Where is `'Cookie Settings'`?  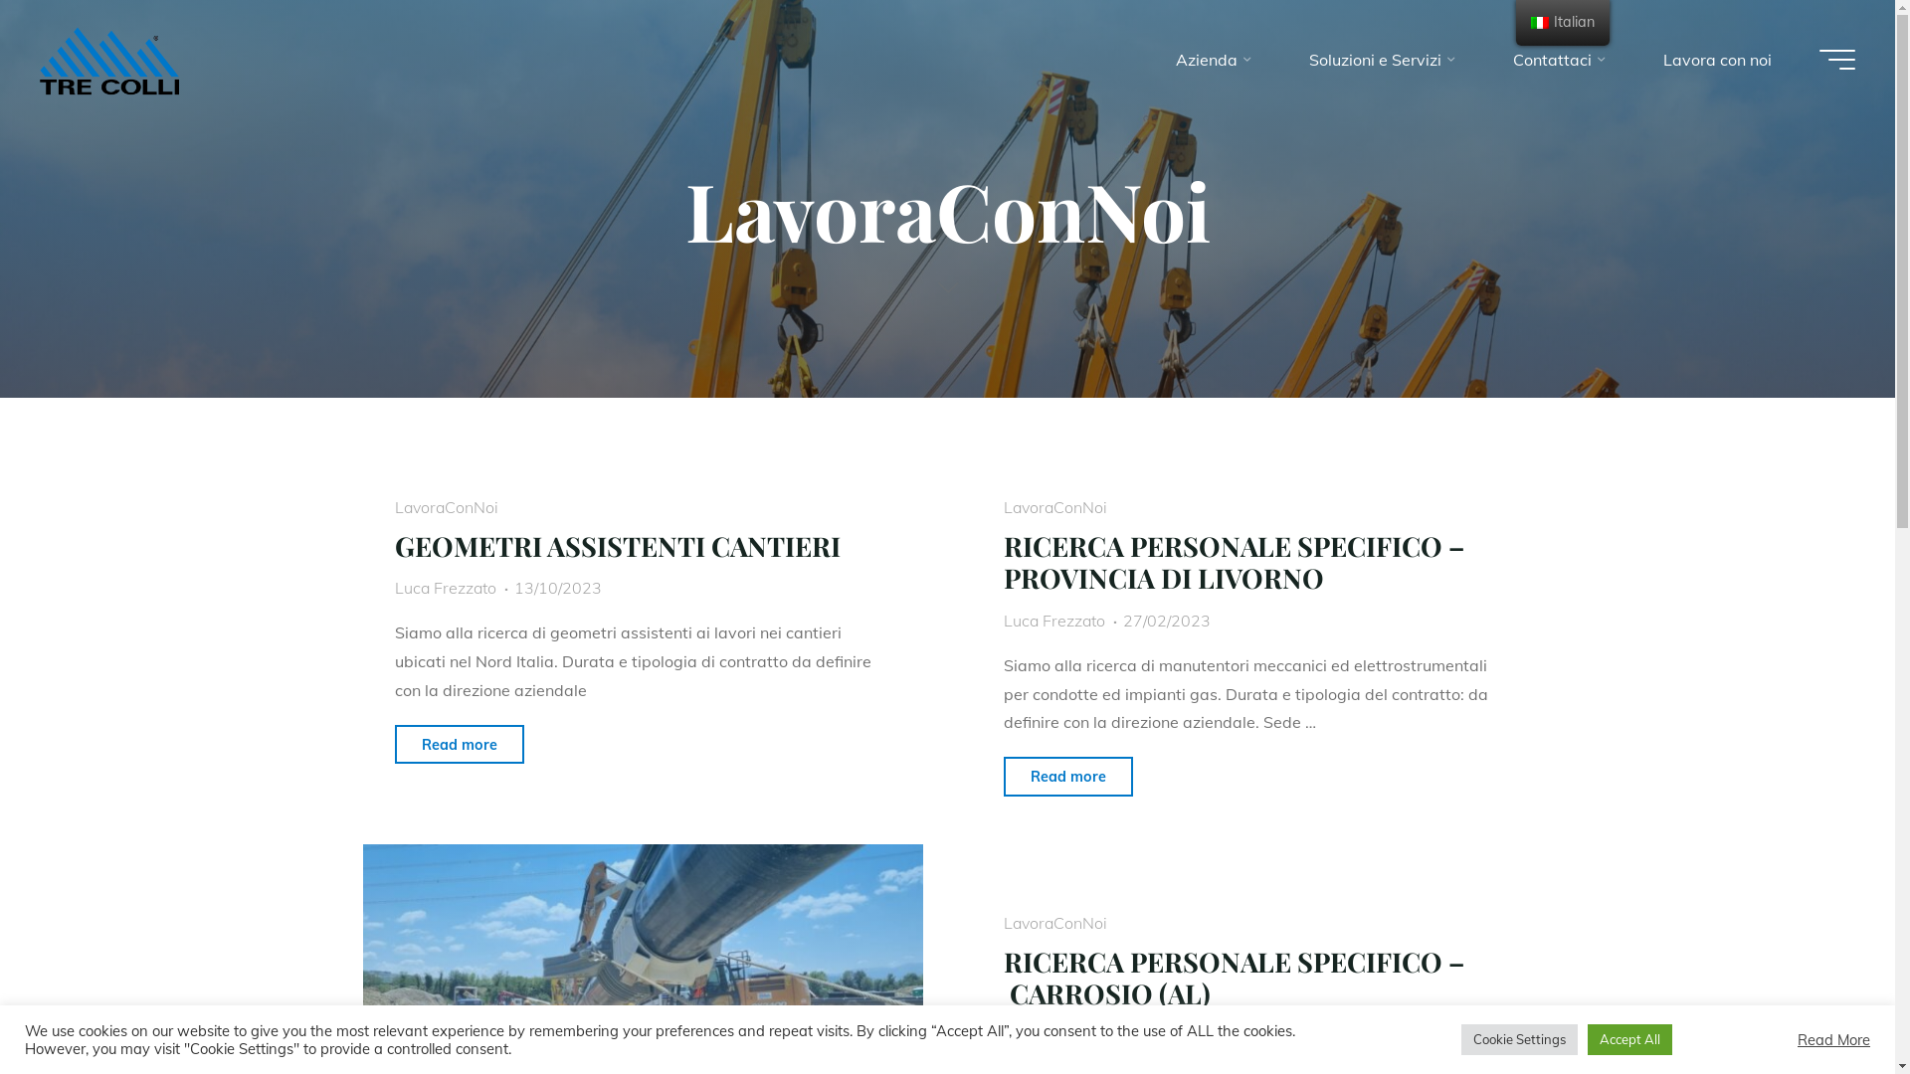
'Cookie Settings' is located at coordinates (1518, 1038).